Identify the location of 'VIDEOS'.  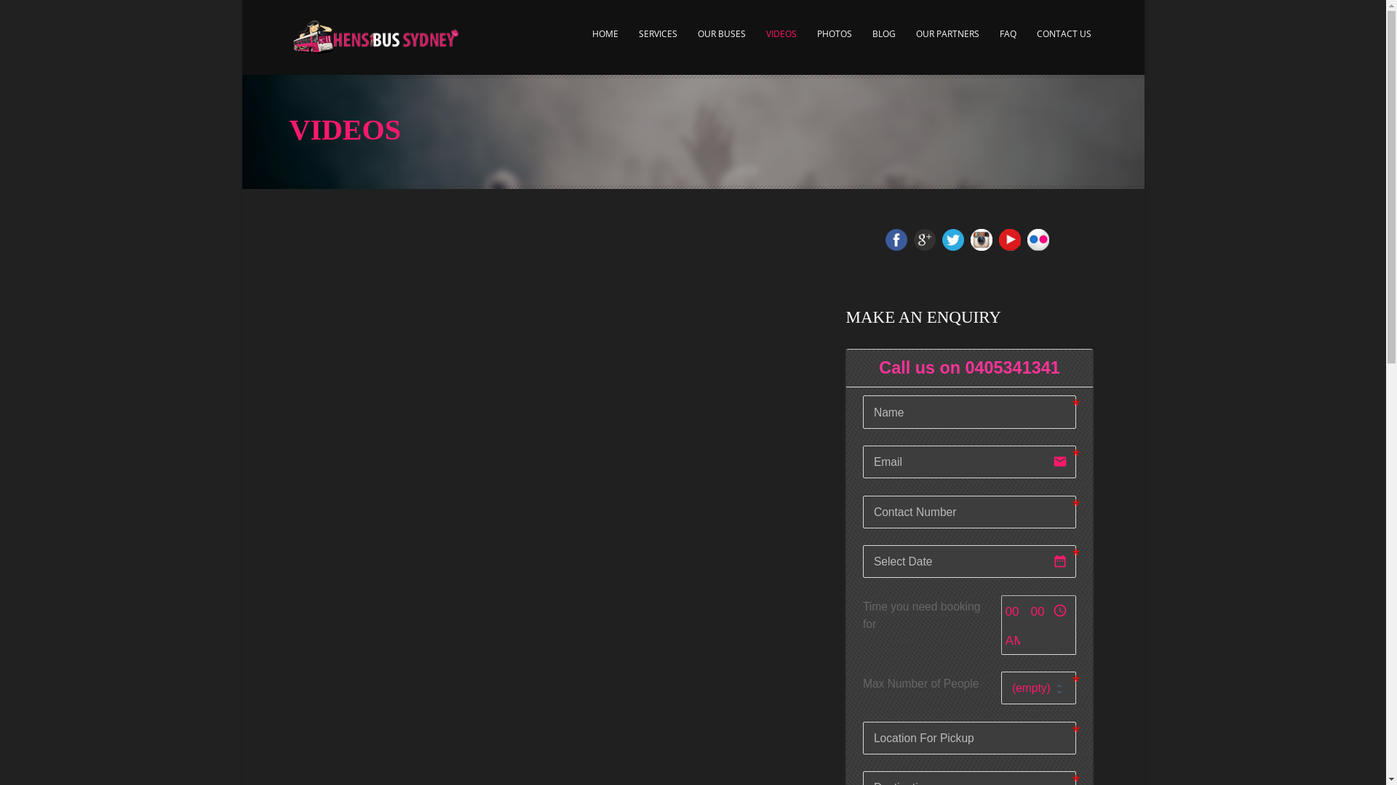
(761, 41).